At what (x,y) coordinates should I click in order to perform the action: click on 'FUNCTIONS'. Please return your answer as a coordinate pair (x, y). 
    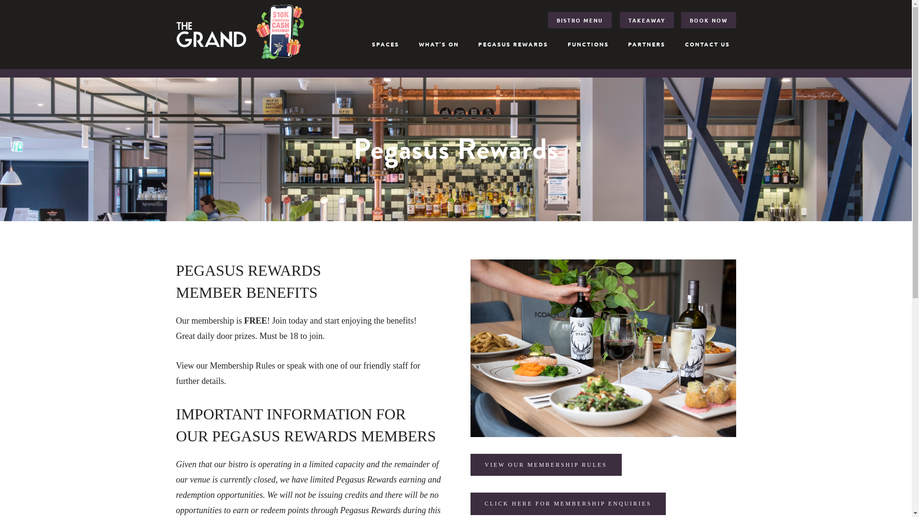
    Looking at the image, I should click on (587, 44).